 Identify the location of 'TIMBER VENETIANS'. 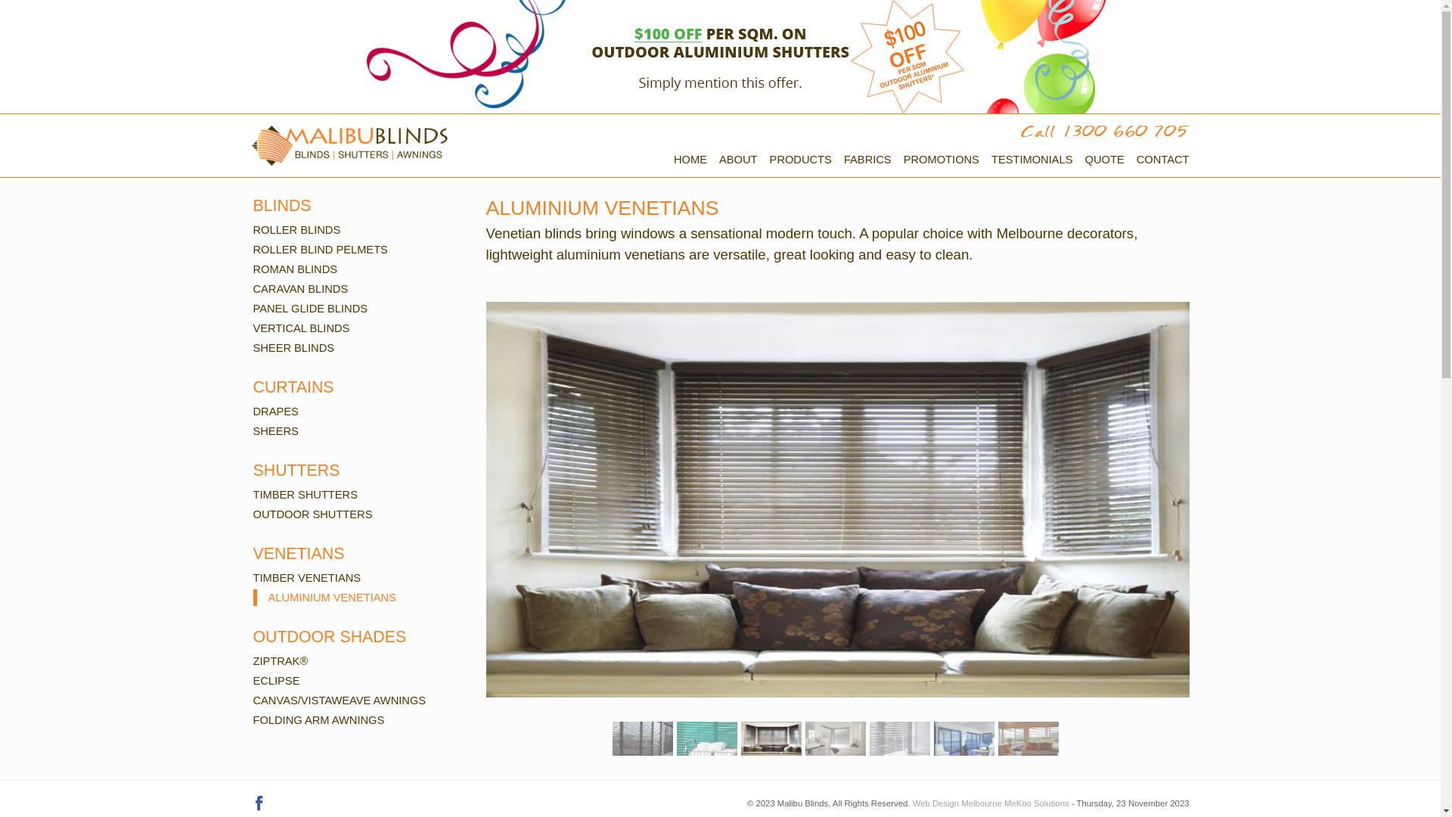
(358, 577).